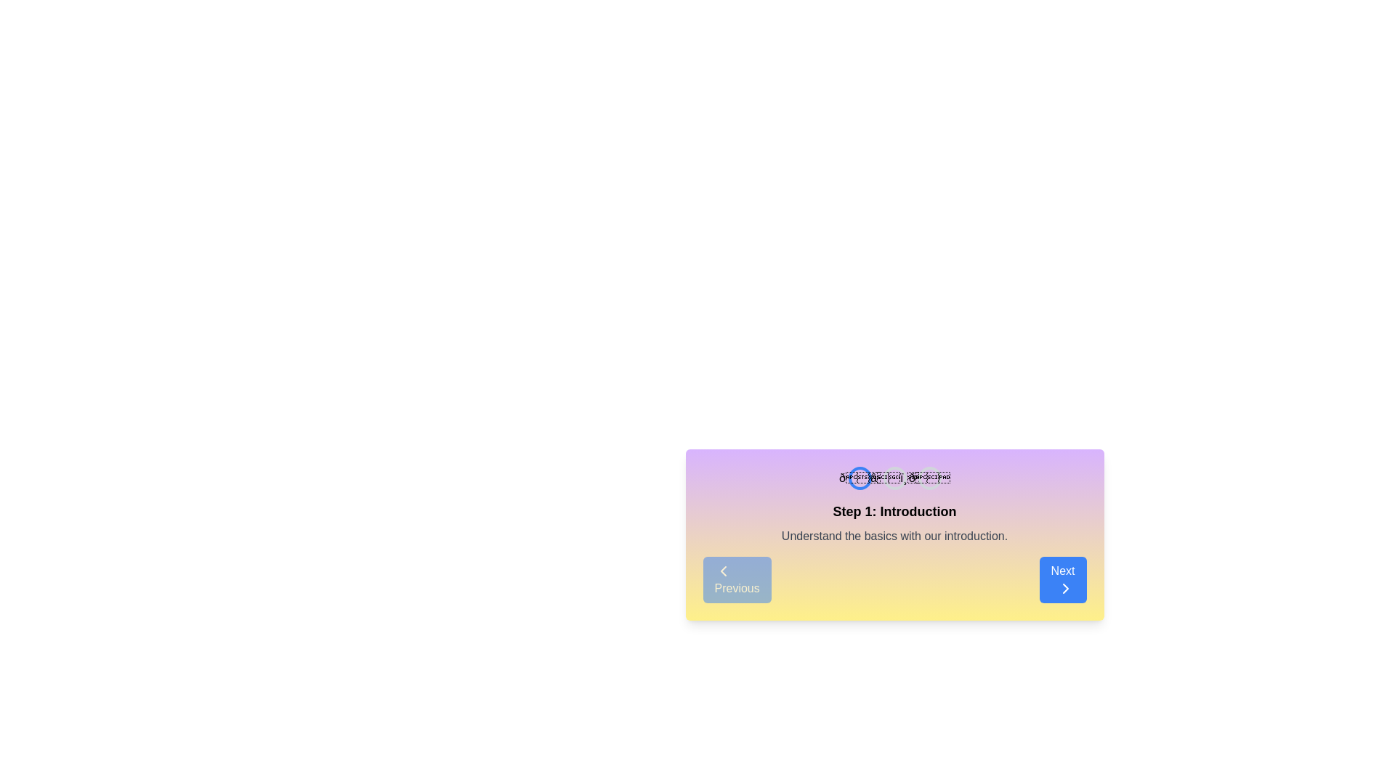  Describe the element at coordinates (894, 523) in the screenshot. I see `the static text display element that shows 'Step 1: Introduction' in bold and 'Understand the basics with our introduction.' in regular font, located in the middle section of a card-like structure` at that location.